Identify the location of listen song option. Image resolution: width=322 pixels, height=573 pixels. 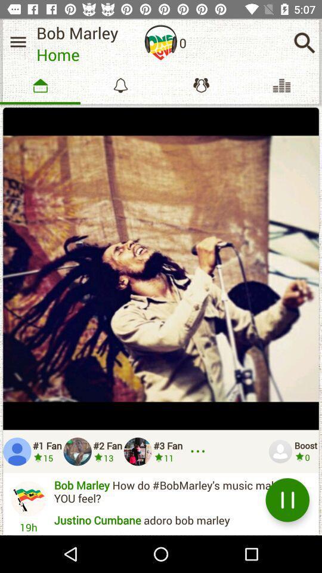
(161, 42).